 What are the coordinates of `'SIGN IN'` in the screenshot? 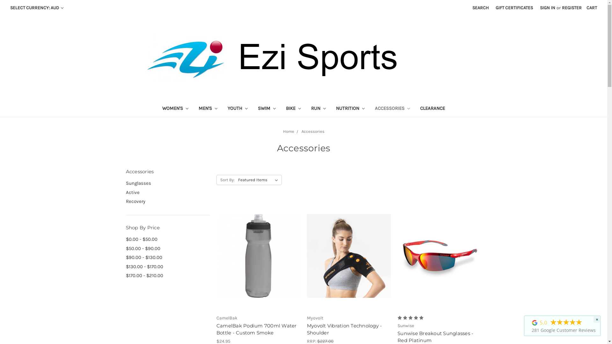 It's located at (536, 8).